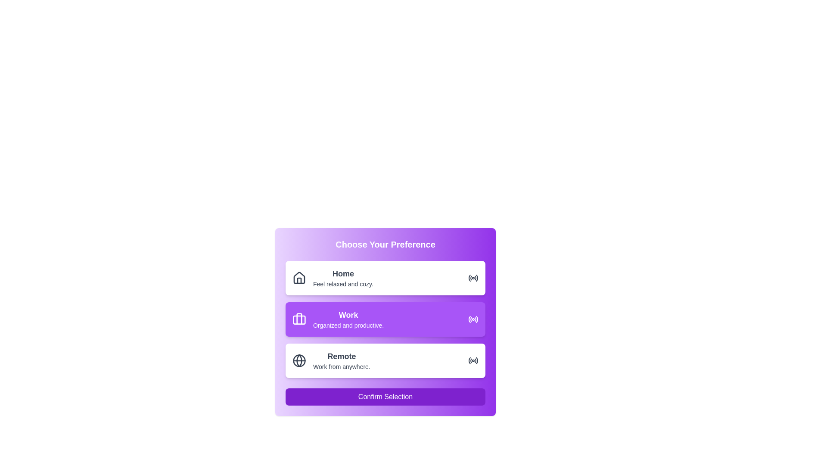  Describe the element at coordinates (473, 319) in the screenshot. I see `the small circular indicator styled with concentric circles and a central dot, located at the extreme right end of the second row within the card labeled 'Work - Organized and productive.'` at that location.